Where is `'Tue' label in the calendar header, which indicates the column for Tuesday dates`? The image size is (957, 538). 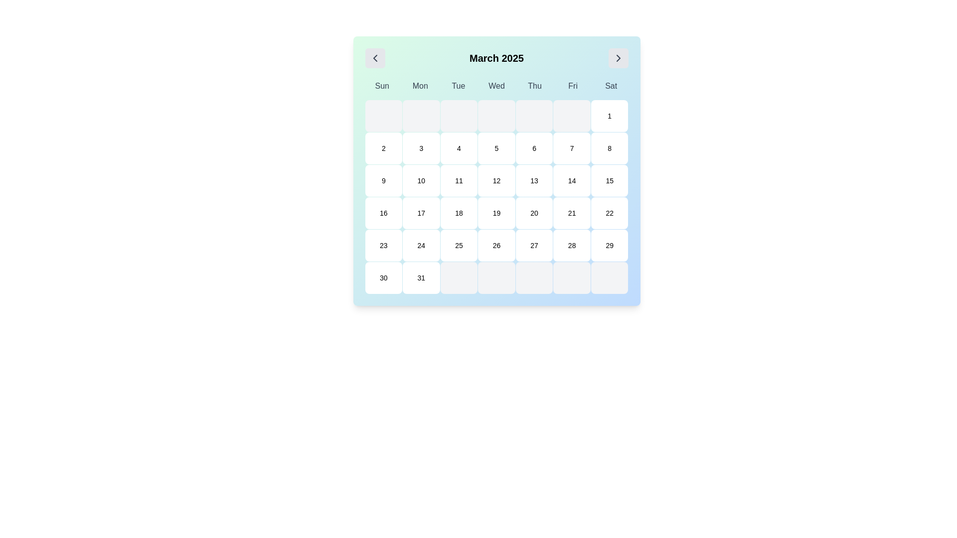
'Tue' label in the calendar header, which indicates the column for Tuesday dates is located at coordinates (458, 86).